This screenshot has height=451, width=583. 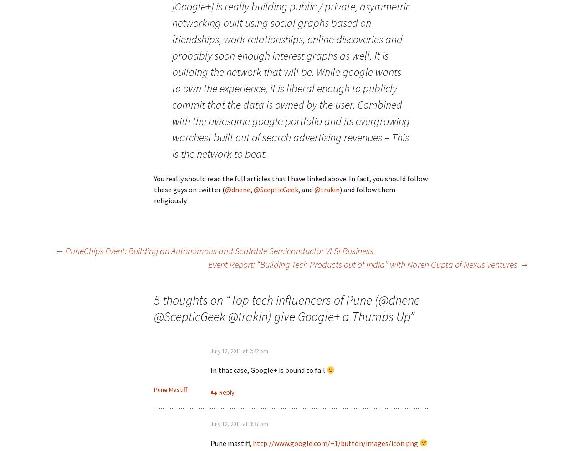 What do you see at coordinates (63, 250) in the screenshot?
I see `'PuneChips Event: Building an Autonomous and Scalable Semiconductor VLSI Business'` at bounding box center [63, 250].